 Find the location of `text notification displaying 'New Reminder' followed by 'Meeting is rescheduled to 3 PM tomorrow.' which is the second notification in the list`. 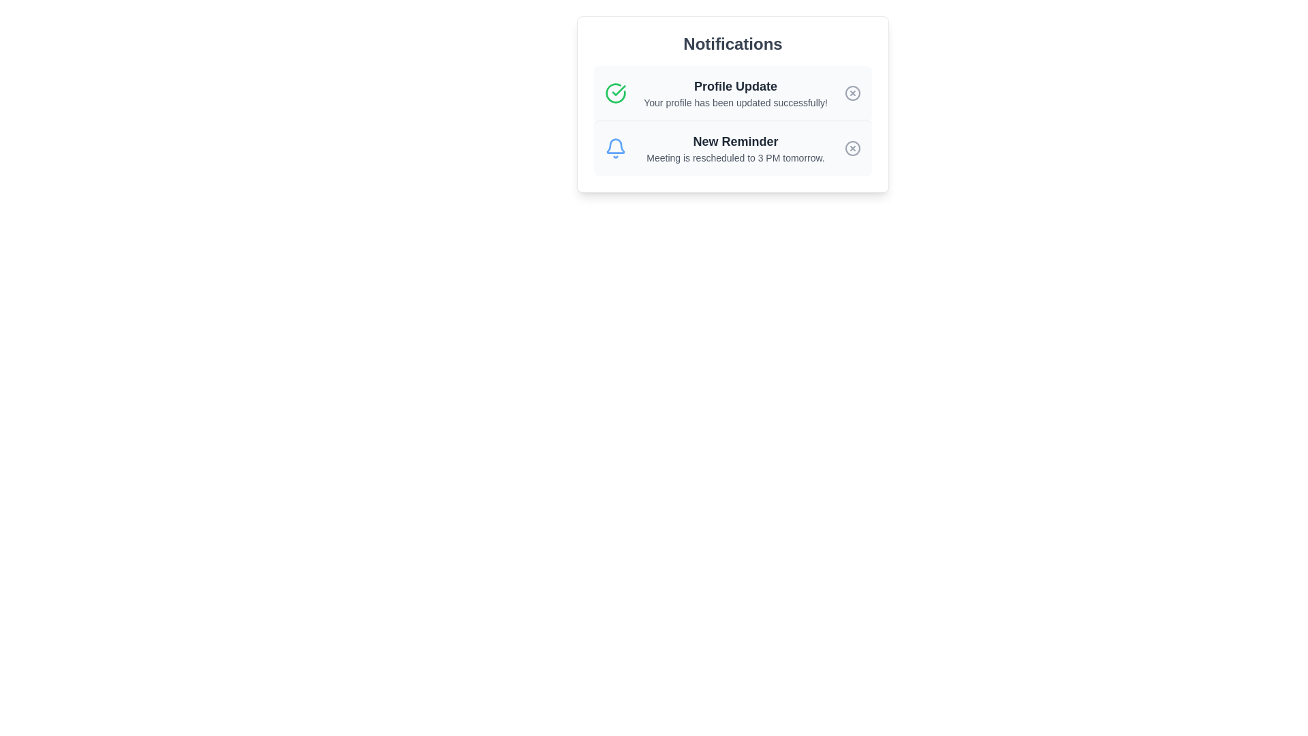

text notification displaying 'New Reminder' followed by 'Meeting is rescheduled to 3 PM tomorrow.' which is the second notification in the list is located at coordinates (735, 149).